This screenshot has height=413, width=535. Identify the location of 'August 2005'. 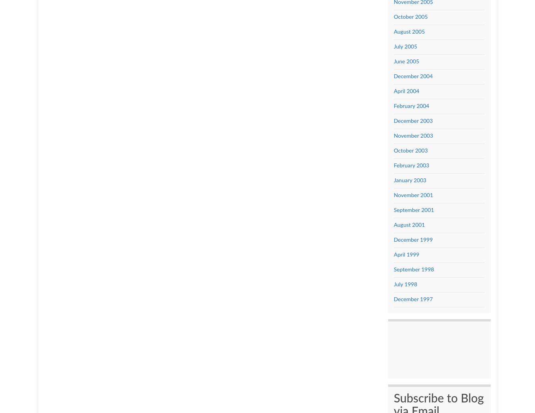
(408, 31).